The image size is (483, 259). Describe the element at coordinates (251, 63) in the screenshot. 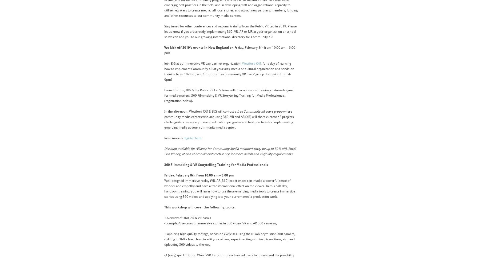

I see `'Westford CAT'` at that location.